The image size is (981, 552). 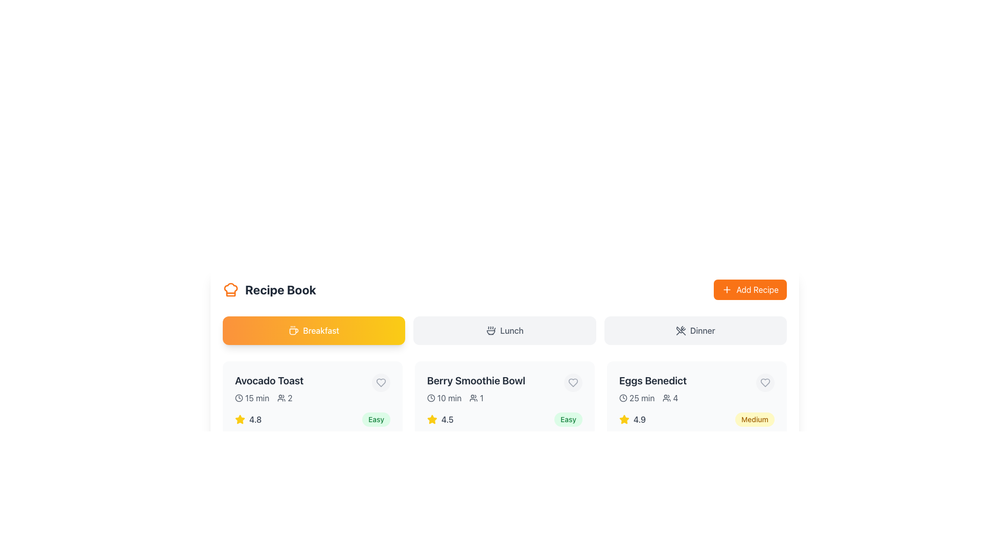 What do you see at coordinates (475, 380) in the screenshot?
I see `the recipe title text element that identifies the name of the recipe being showcased in the recipe card` at bounding box center [475, 380].